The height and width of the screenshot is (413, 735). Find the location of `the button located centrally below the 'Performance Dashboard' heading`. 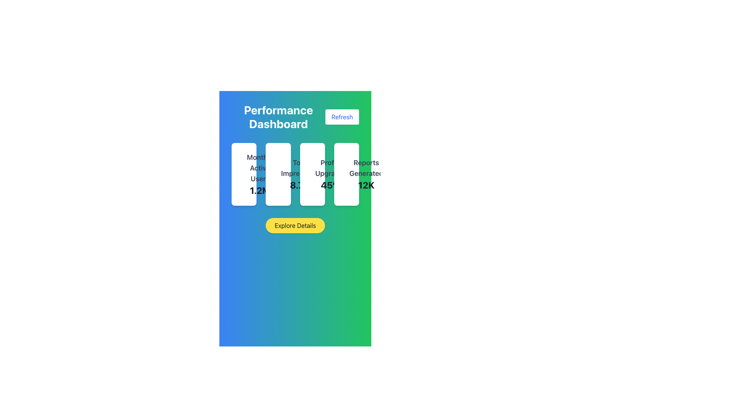

the button located centrally below the 'Performance Dashboard' heading is located at coordinates (295, 225).